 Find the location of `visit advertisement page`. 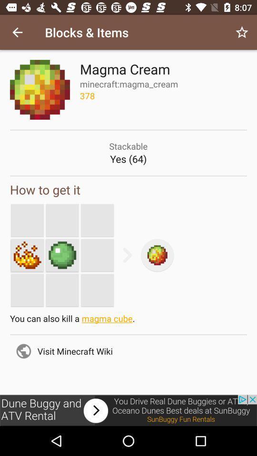

visit advertisement page is located at coordinates (128, 410).